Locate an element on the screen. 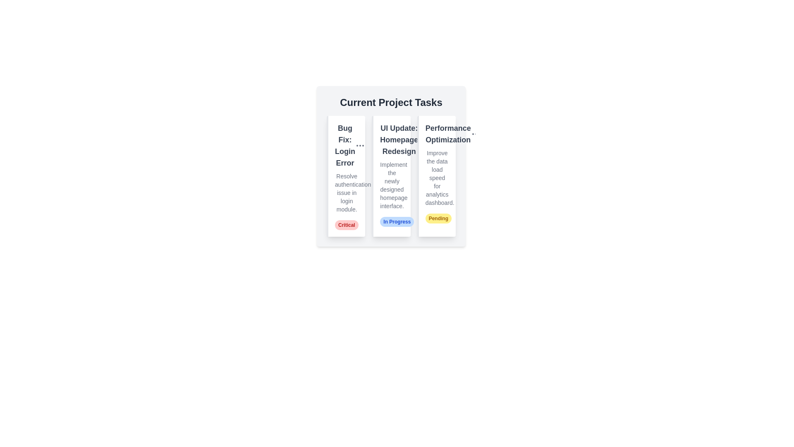  options button for the task titled 'Bug Fix: Login Error' is located at coordinates (360, 145).